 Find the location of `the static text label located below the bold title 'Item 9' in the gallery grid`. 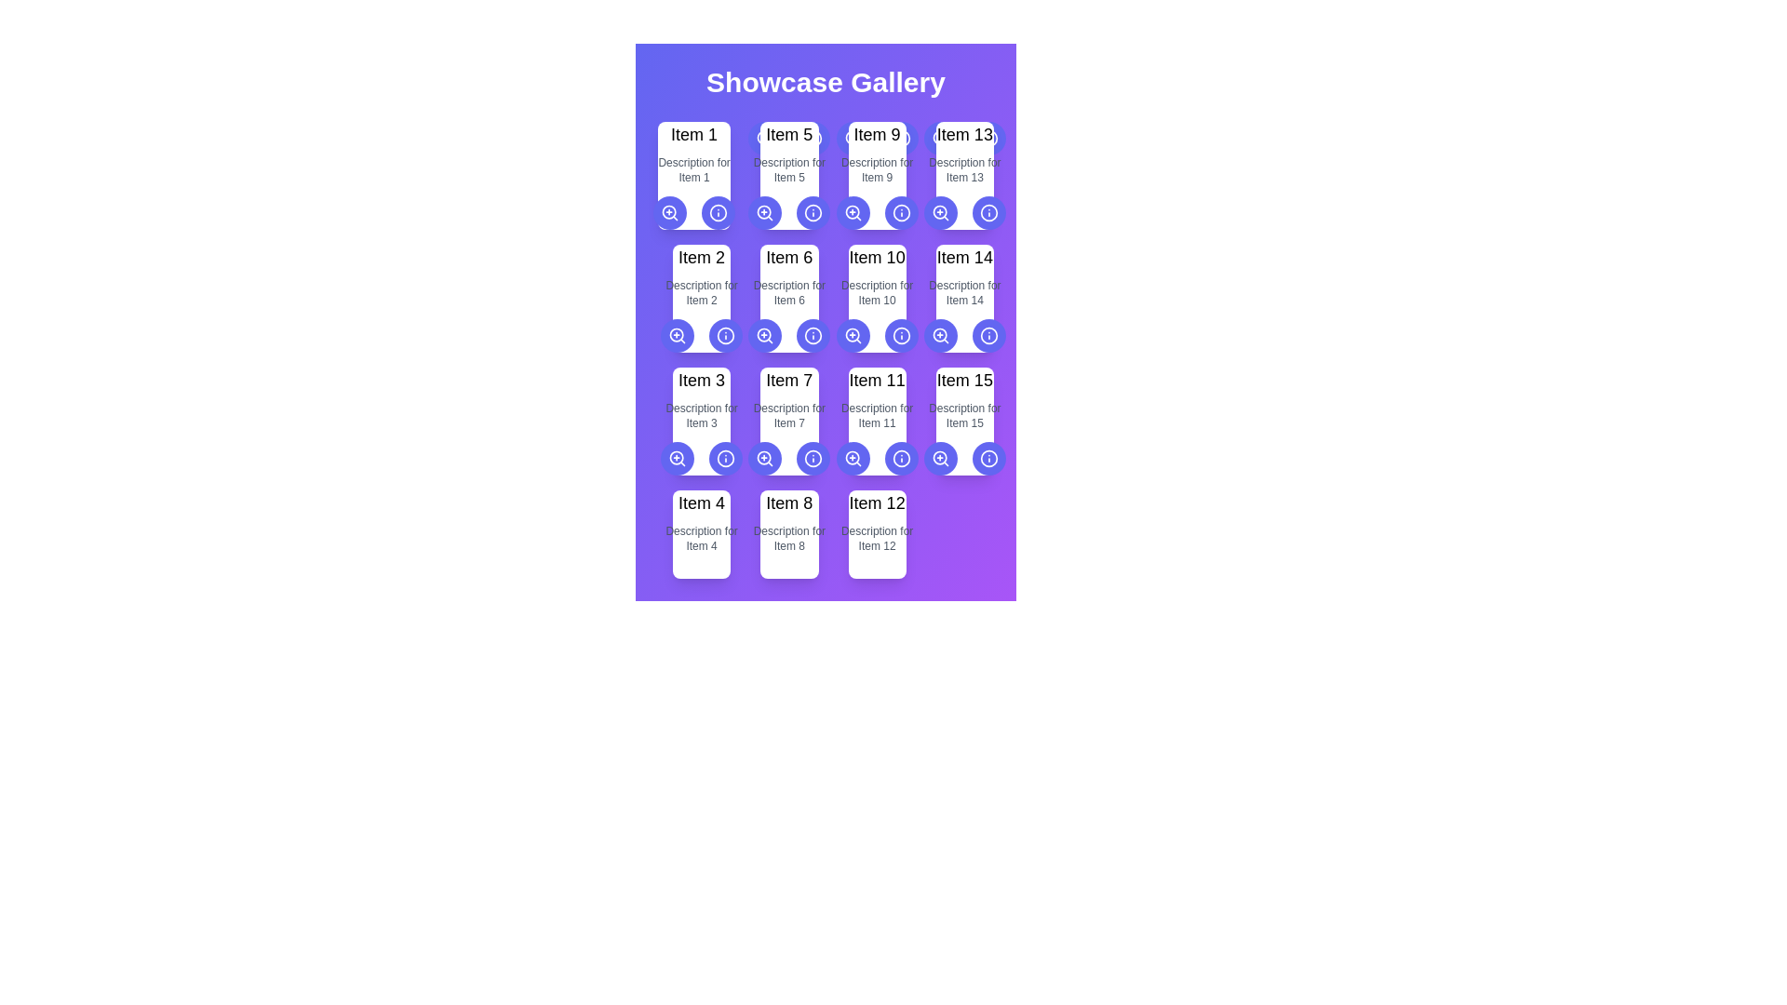

the static text label located below the bold title 'Item 9' in the gallery grid is located at coordinates (876, 169).